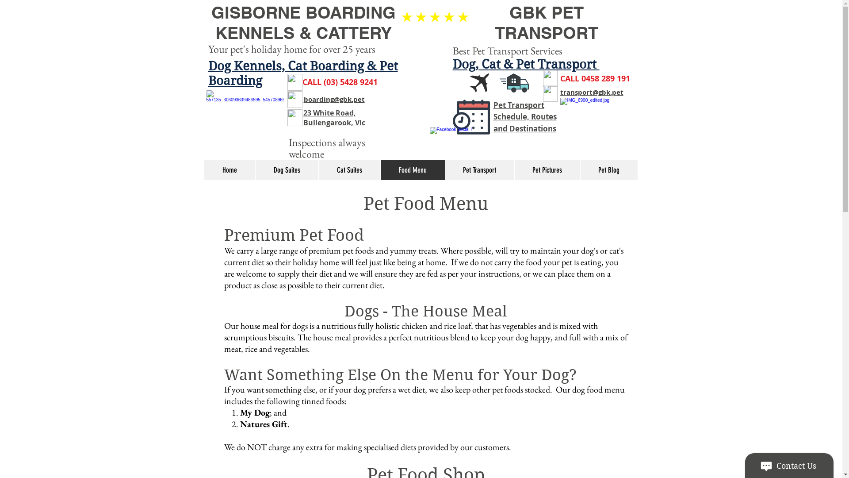  What do you see at coordinates (526, 64) in the screenshot?
I see `'Dog, Cat & Pet Transport '` at bounding box center [526, 64].